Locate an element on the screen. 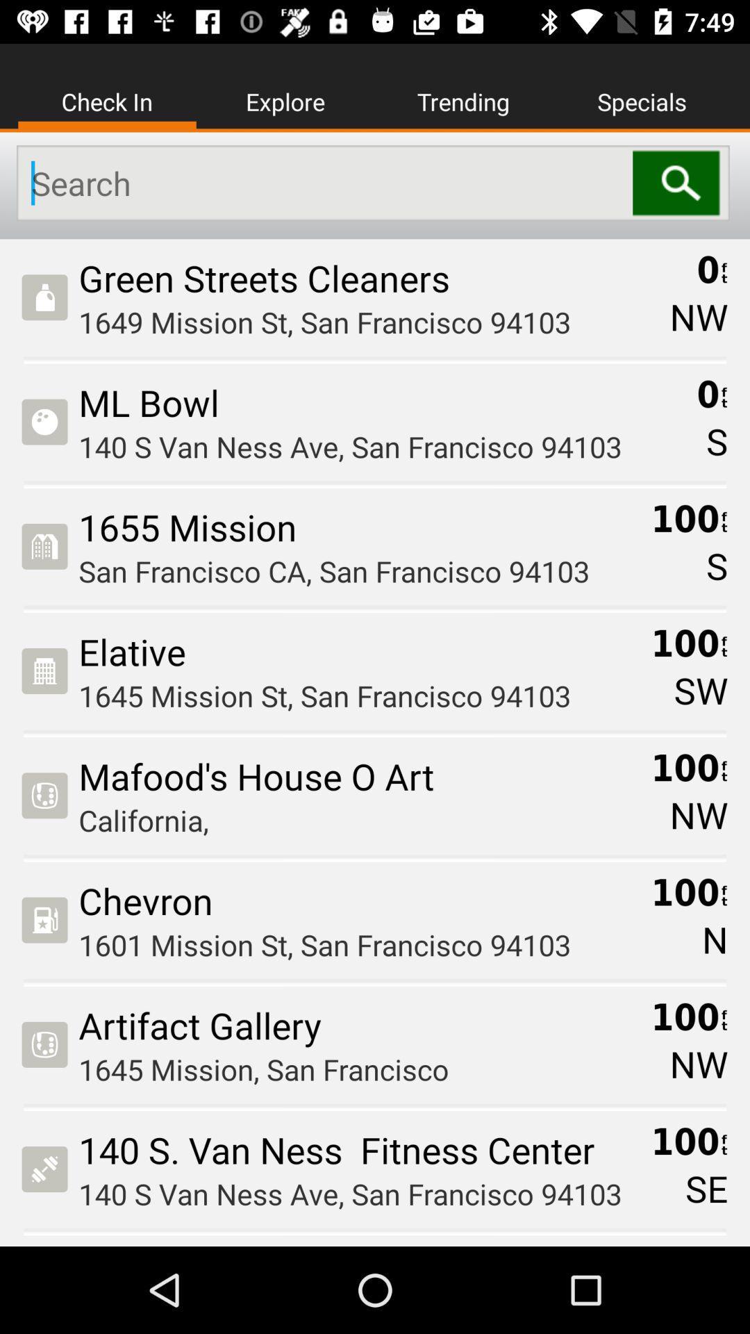 Image resolution: width=750 pixels, height=1334 pixels. the search icon is located at coordinates (680, 182).